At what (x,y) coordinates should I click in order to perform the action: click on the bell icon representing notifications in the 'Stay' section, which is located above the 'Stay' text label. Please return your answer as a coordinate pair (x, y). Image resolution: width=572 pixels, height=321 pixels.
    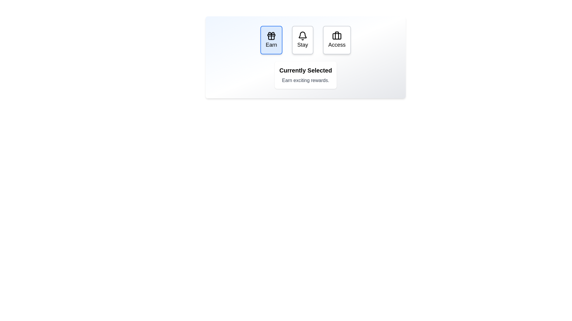
    Looking at the image, I should click on (303, 36).